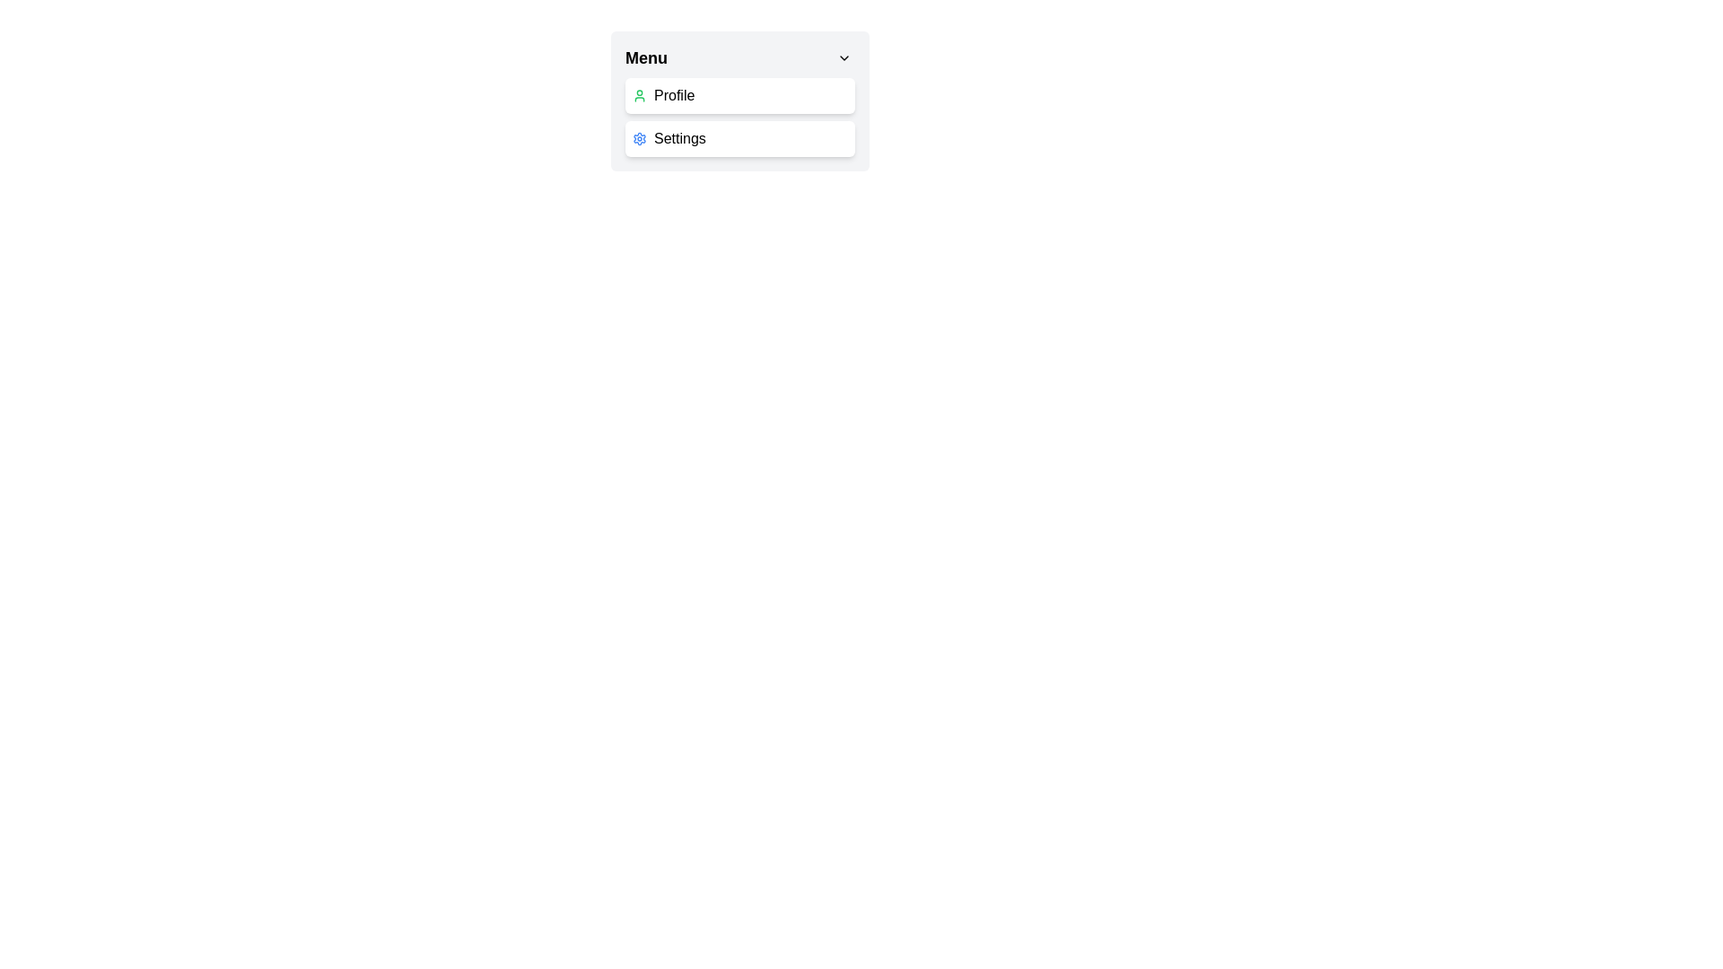  I want to click on the static text label displaying 'Profile', which is positioned directly to the right of a user icon within a rounded rectangle card-like section, so click(673, 96).